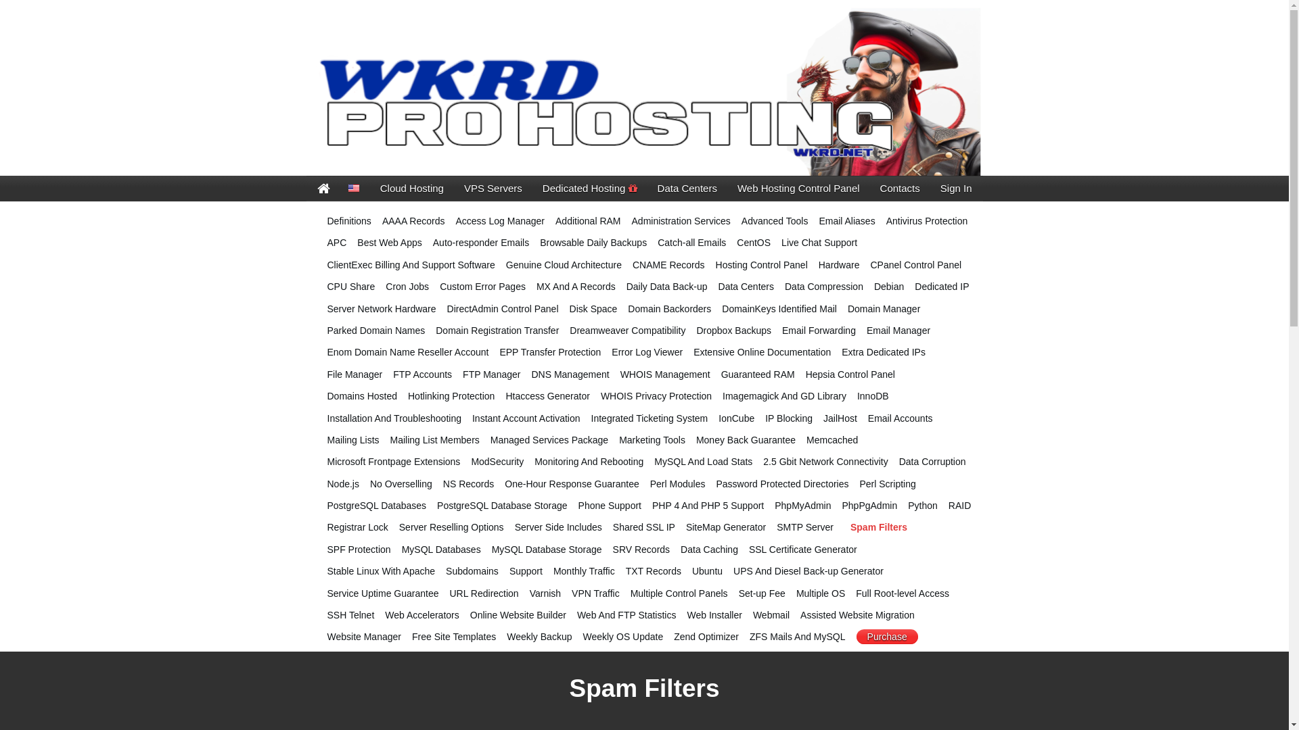 The height and width of the screenshot is (730, 1299). Describe the element at coordinates (401, 483) in the screenshot. I see `'No Overselling'` at that location.